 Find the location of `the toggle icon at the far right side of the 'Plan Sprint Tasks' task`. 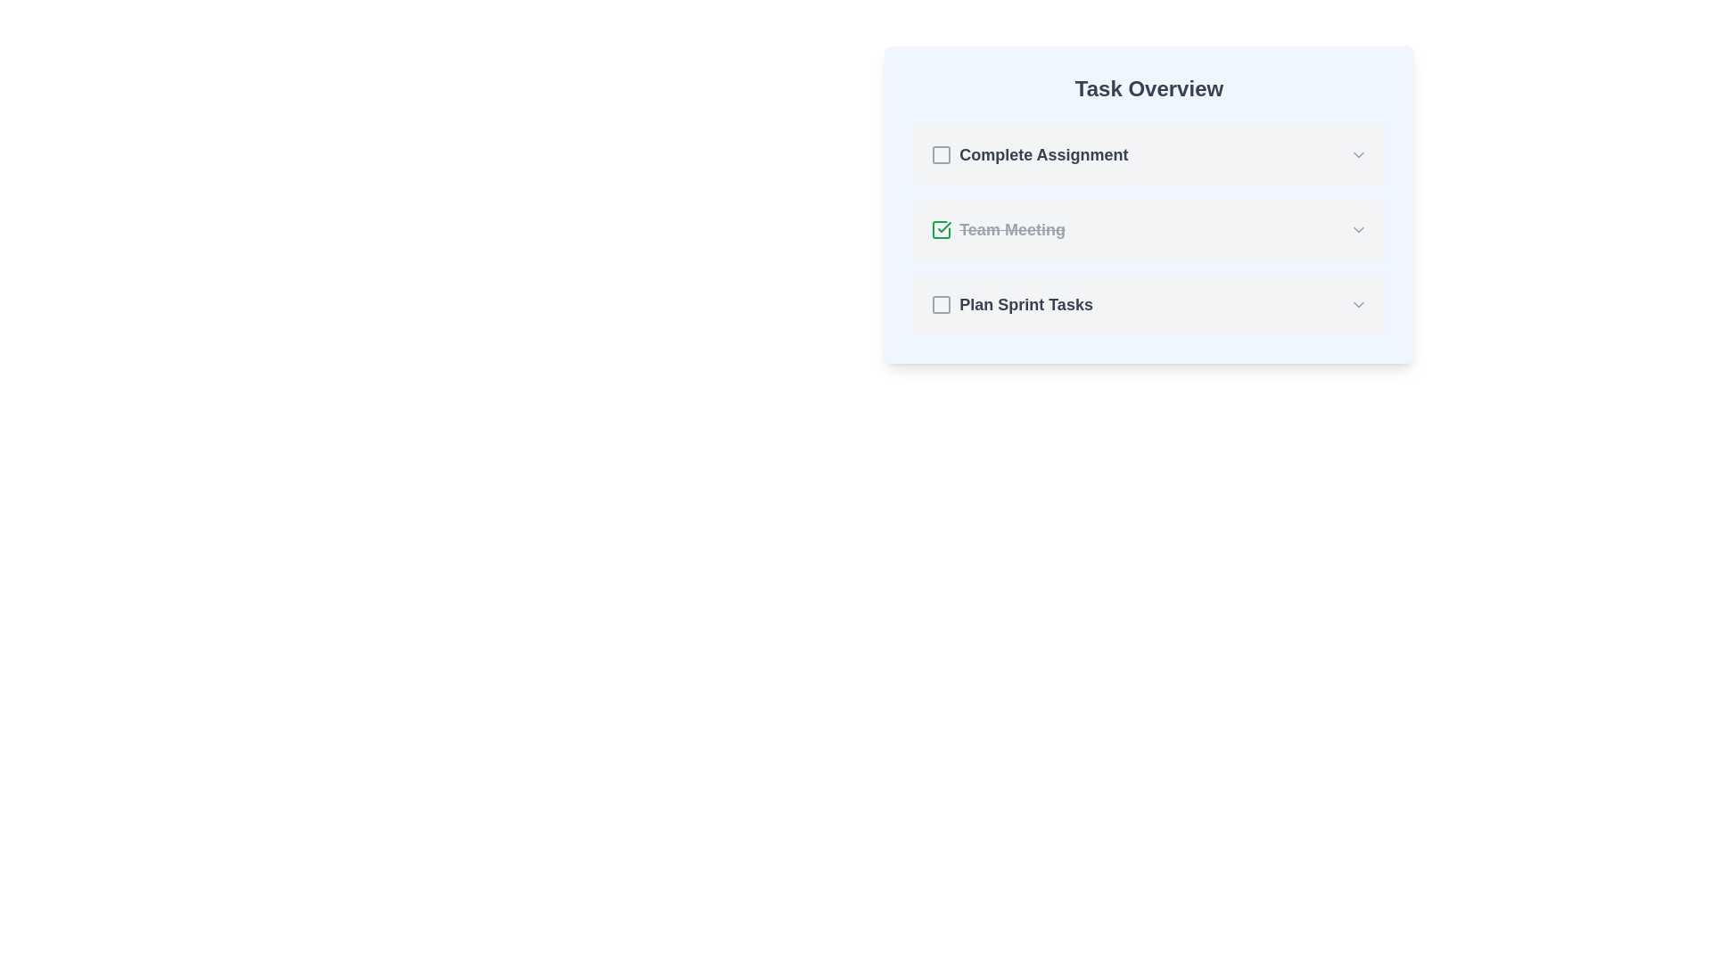

the toggle icon at the far right side of the 'Plan Sprint Tasks' task is located at coordinates (1357, 304).